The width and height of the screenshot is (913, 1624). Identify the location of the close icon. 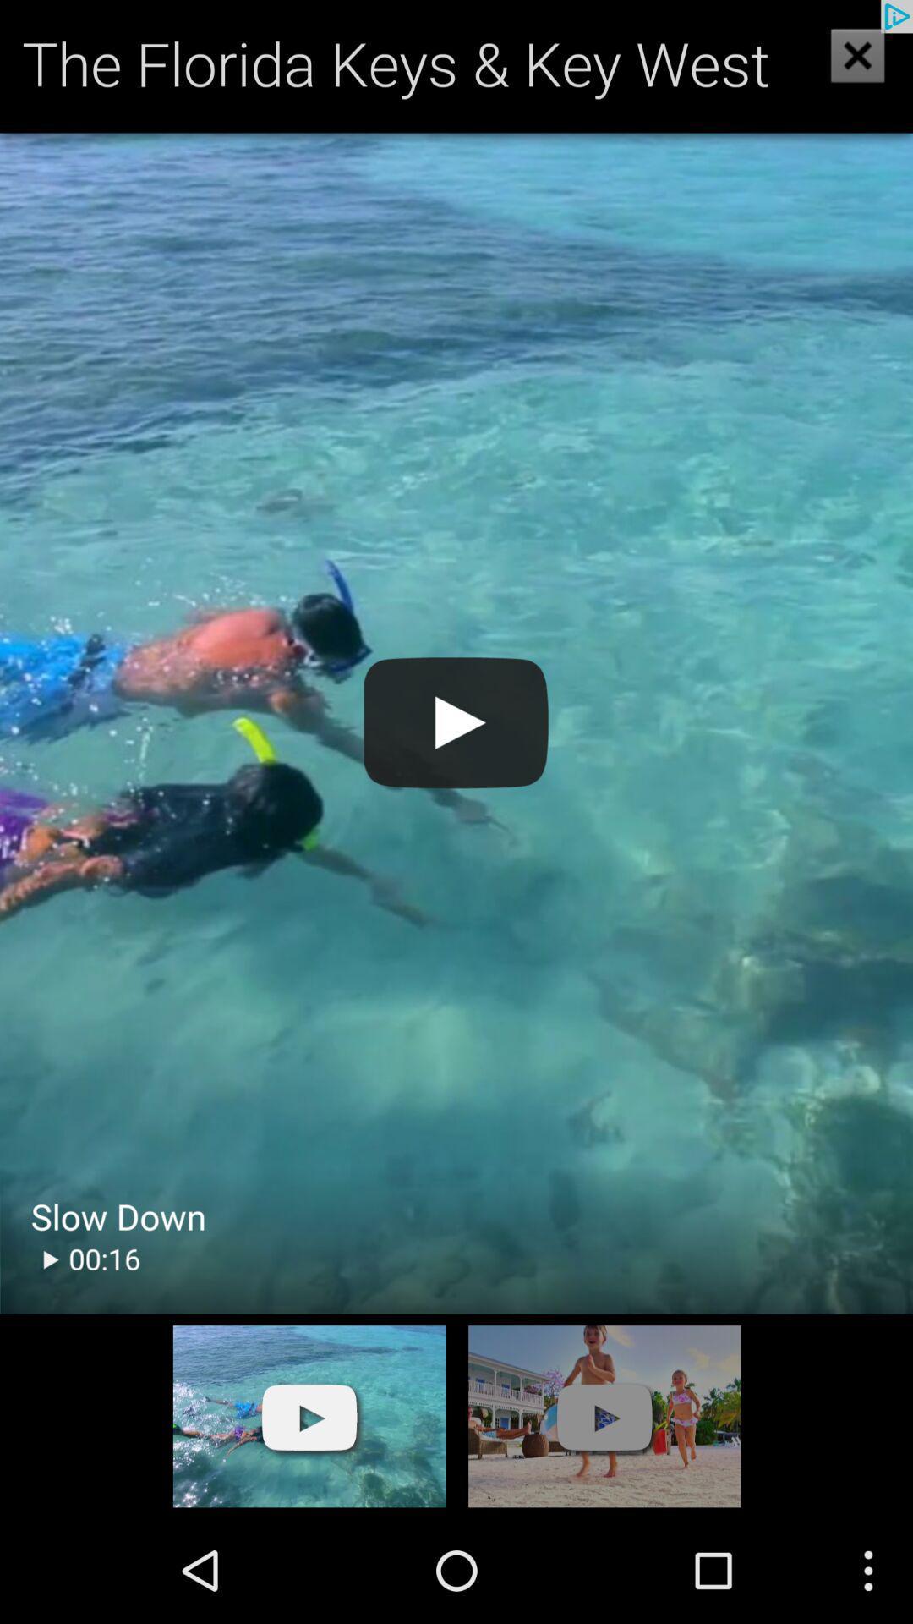
(857, 59).